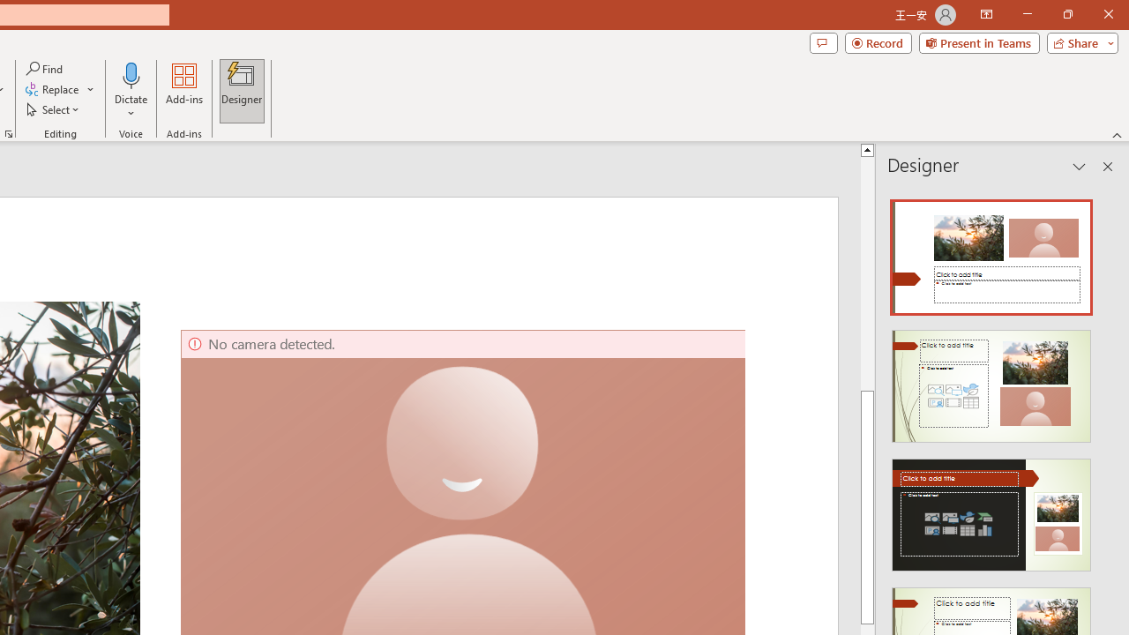 The width and height of the screenshot is (1129, 635). Describe the element at coordinates (1079, 167) in the screenshot. I see `'Task Pane Options'` at that location.